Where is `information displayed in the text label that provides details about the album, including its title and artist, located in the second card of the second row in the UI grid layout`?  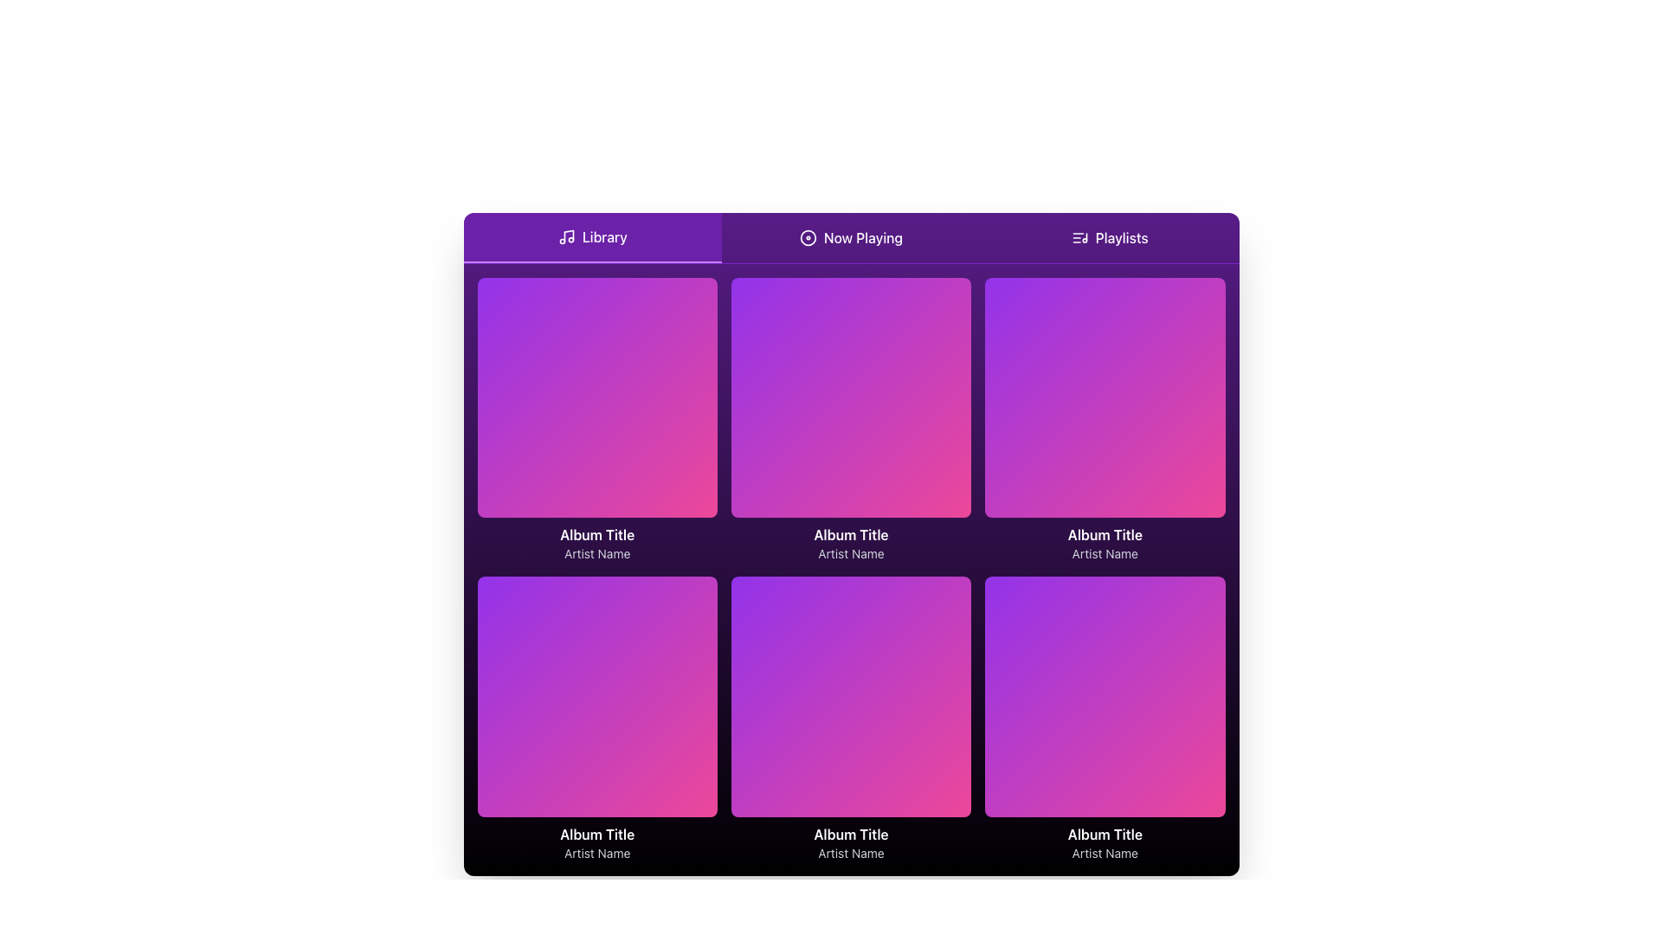 information displayed in the text label that provides details about the album, including its title and artist, located in the second card of the second row in the UI grid layout is located at coordinates (851, 543).